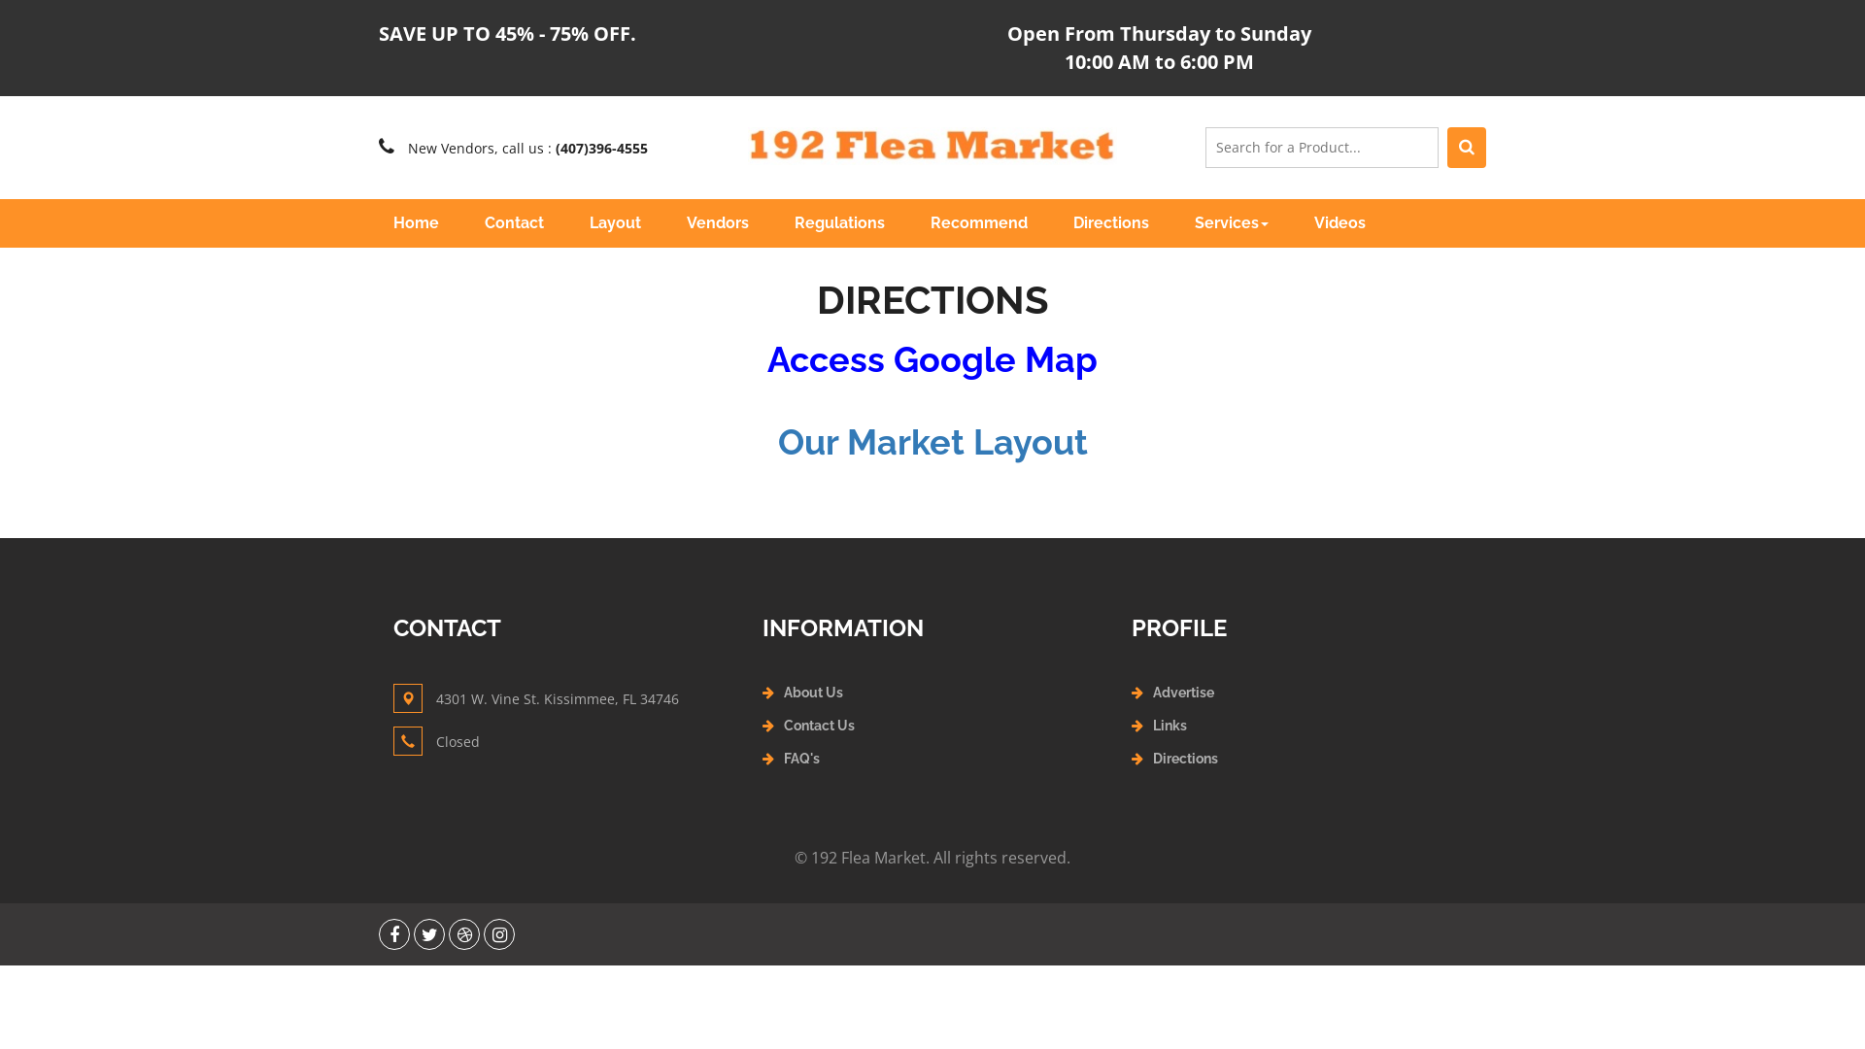 This screenshot has width=1865, height=1049. Describe the element at coordinates (801, 757) in the screenshot. I see `'FAQ's'` at that location.